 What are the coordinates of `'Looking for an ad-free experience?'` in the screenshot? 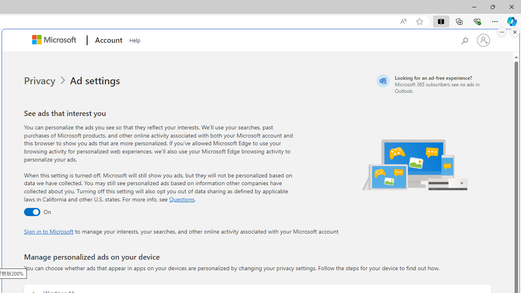 It's located at (432, 84).